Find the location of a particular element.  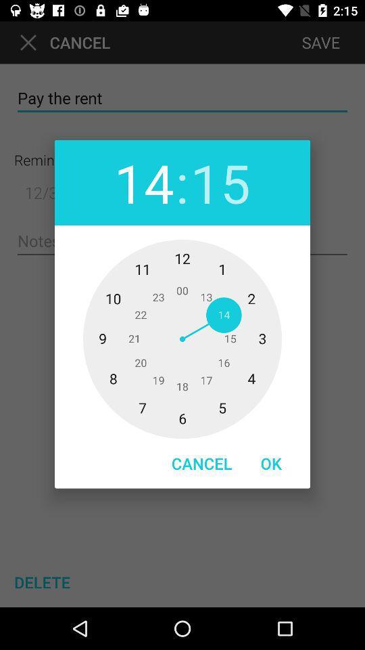

the 14 item is located at coordinates (143, 181).